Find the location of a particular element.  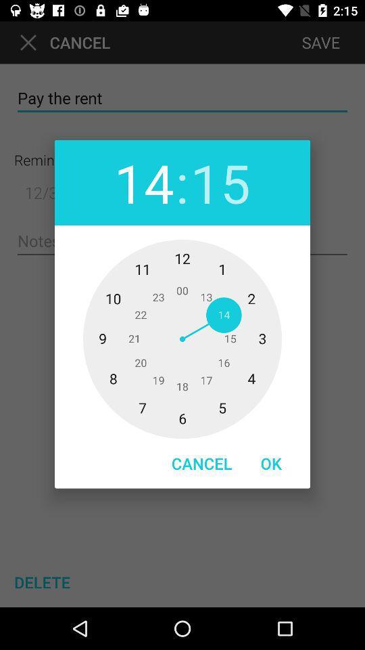

the 14 item is located at coordinates (143, 181).